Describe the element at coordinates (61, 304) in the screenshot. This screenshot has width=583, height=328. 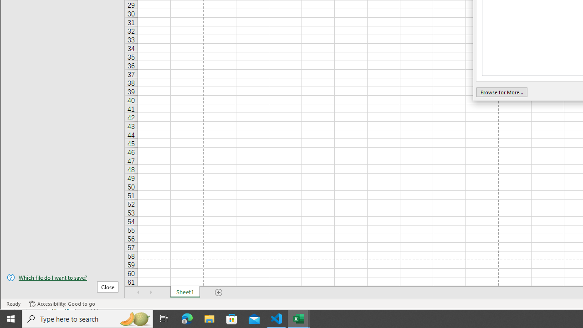
I see `'Accessibility Checker Accessibility: Good to go'` at that location.